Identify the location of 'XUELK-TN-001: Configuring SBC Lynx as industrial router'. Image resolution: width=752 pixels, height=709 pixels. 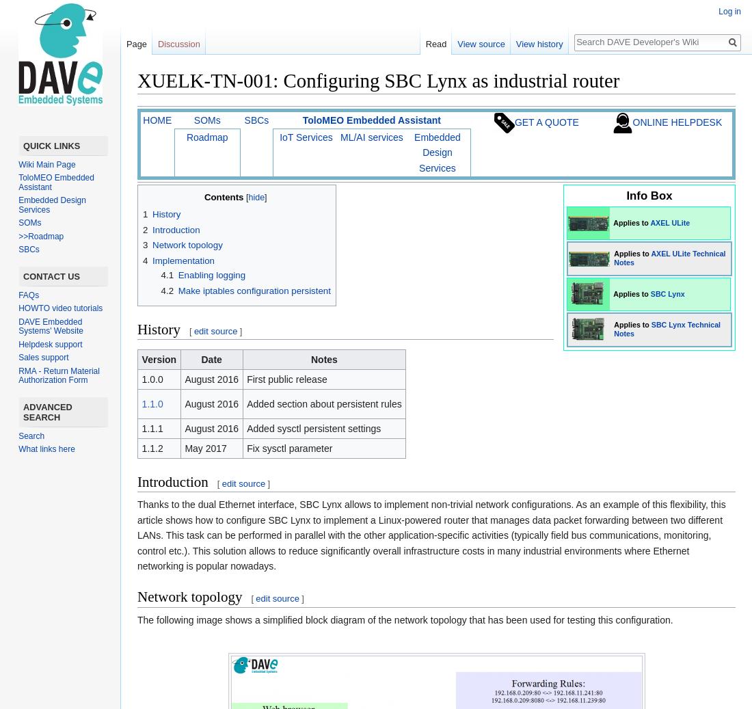
(136, 80).